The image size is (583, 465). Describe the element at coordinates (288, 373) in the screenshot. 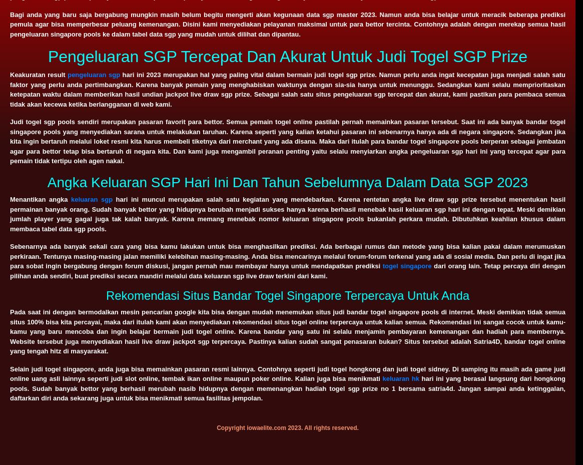

I see `'Selain judi togel singapore, anda juga bisa memainkan pasaran resmi lainnya. Contohnya seperti judi togel hongkong dan judi togel sidney. Di samping itu masih ada game judi online uang asli lainnya seperti judi slot online, tembak ikan online maupun poker online. Kalian juga bisa menikmati'` at that location.